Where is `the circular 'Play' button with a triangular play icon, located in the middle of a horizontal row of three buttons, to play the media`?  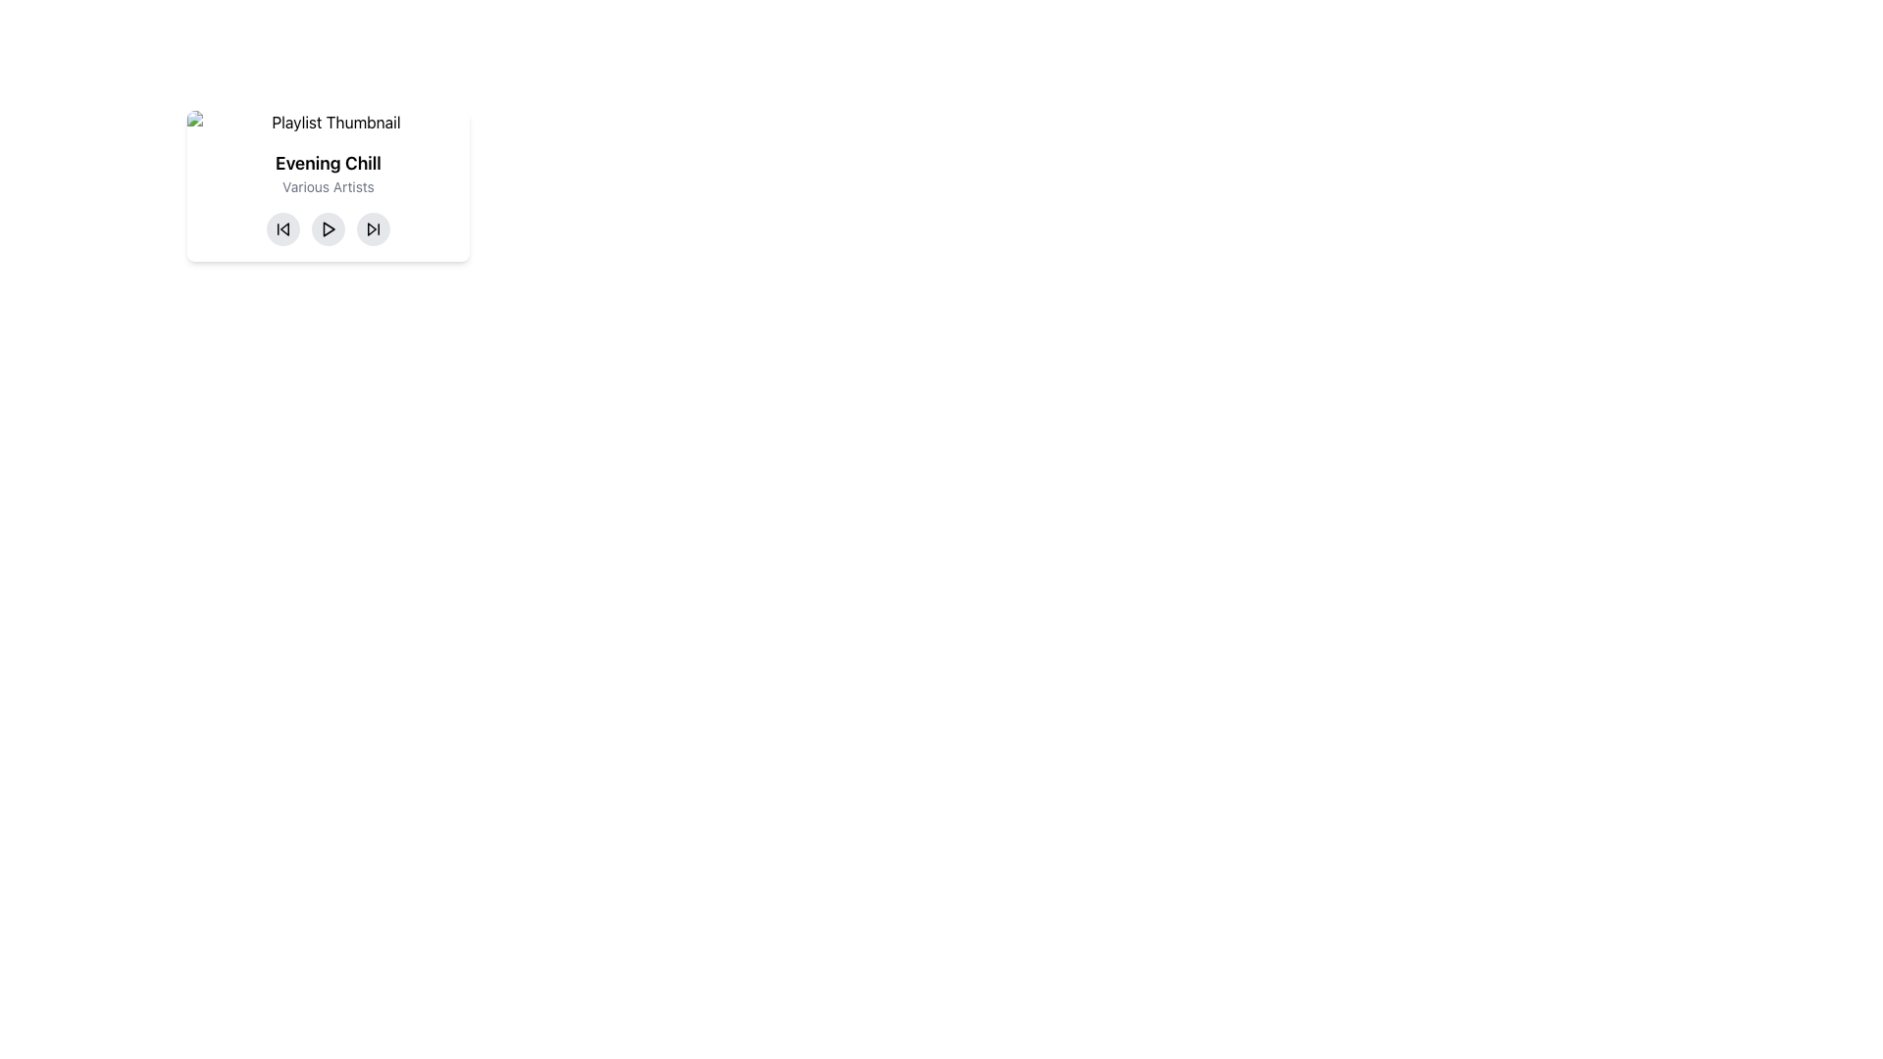
the circular 'Play' button with a triangular play icon, located in the middle of a horizontal row of three buttons, to play the media is located at coordinates (329, 228).